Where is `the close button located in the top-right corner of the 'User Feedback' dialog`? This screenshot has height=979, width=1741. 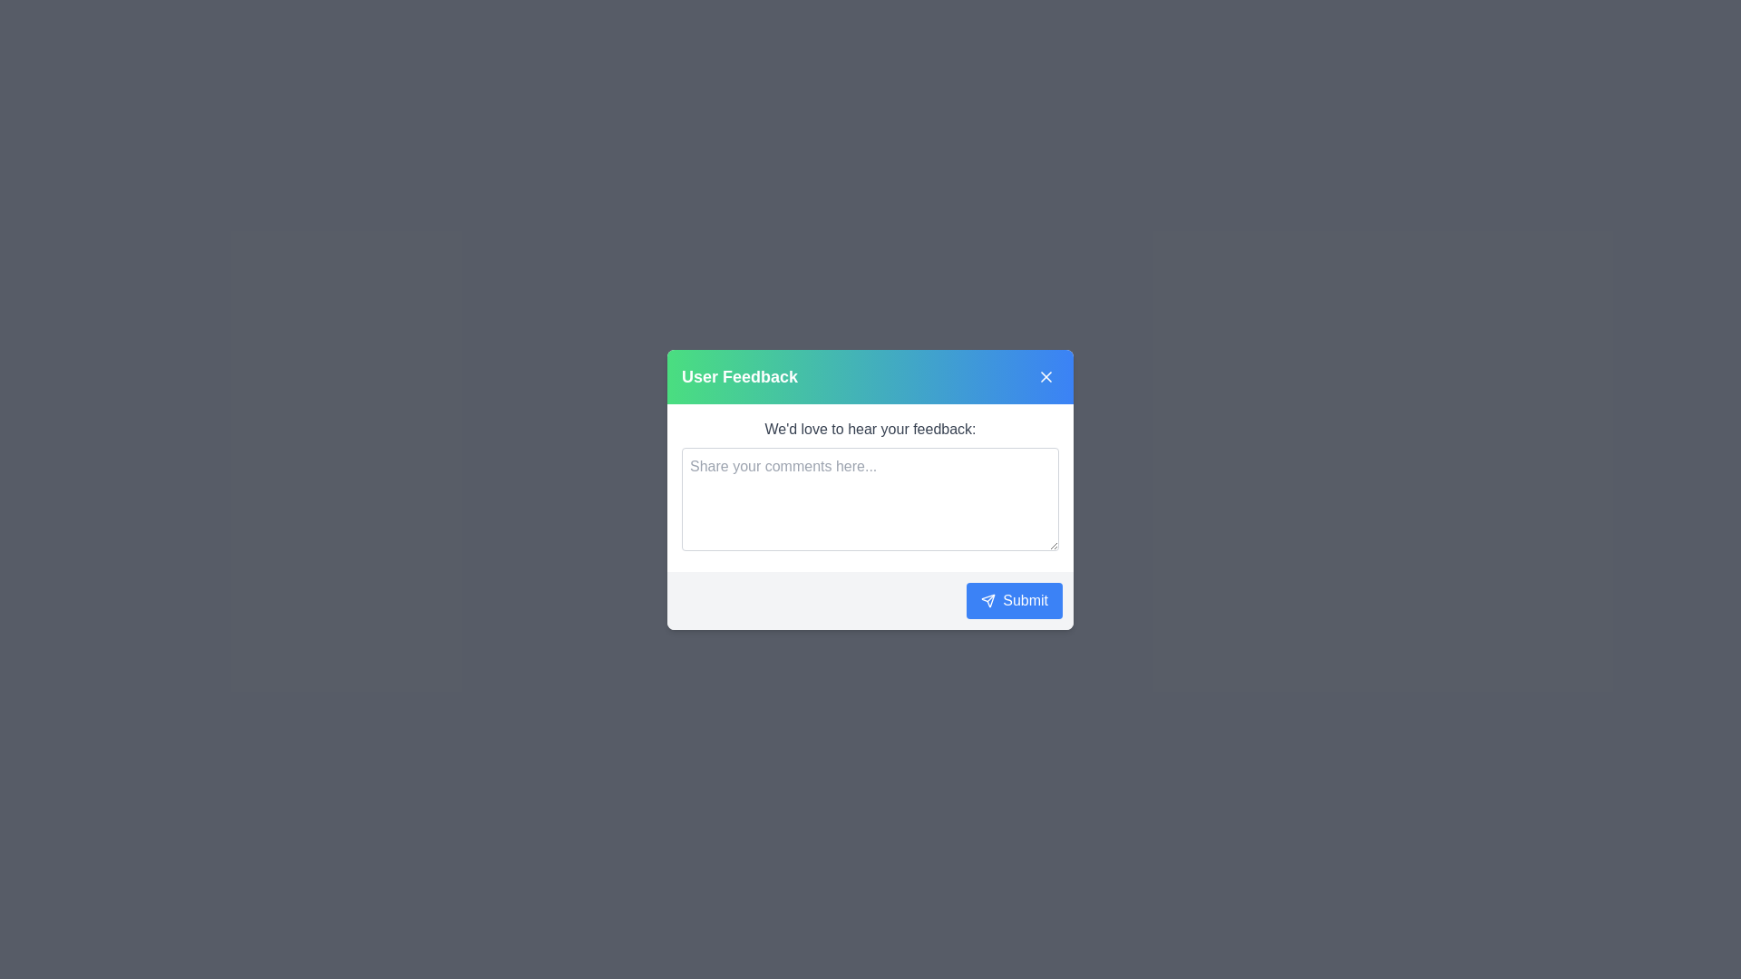 the close button located in the top-right corner of the 'User Feedback' dialog is located at coordinates (1046, 375).